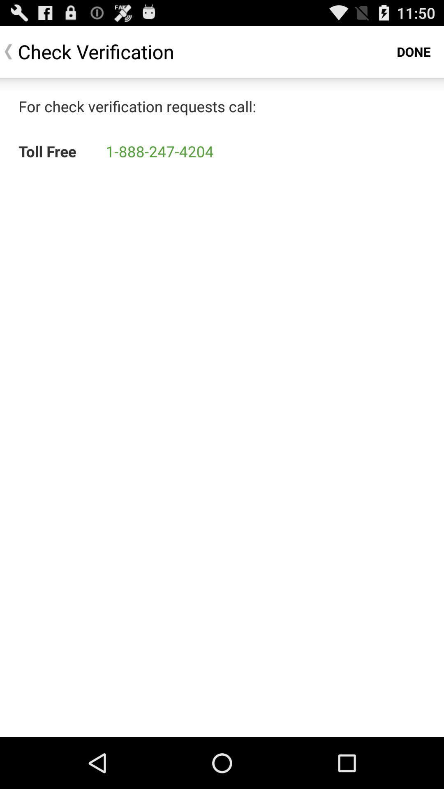  Describe the element at coordinates (414, 51) in the screenshot. I see `the done` at that location.